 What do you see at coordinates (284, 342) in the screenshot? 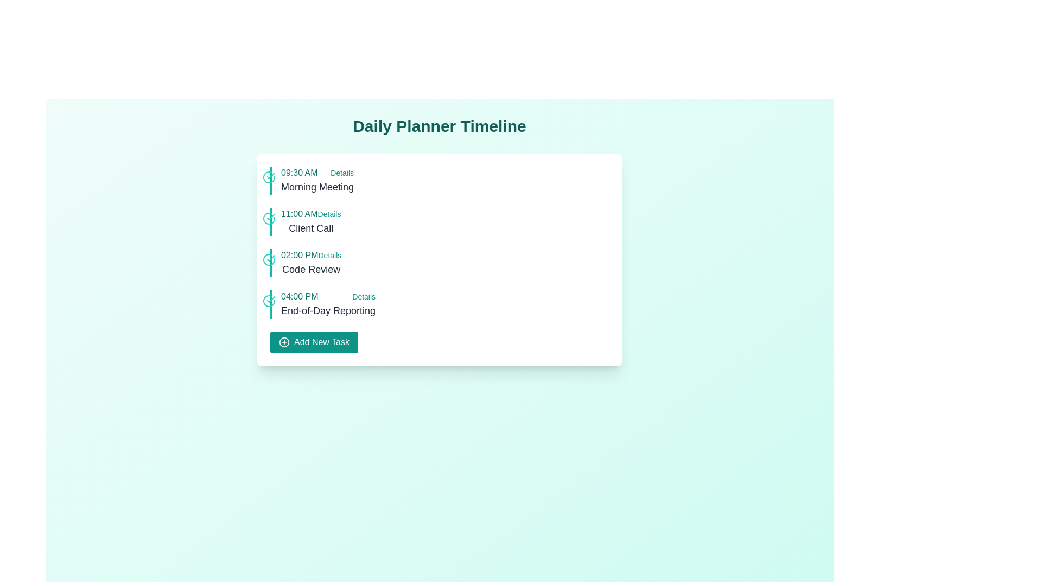
I see `the circular 'plus' icon with a teal border and white fill, located within the green rectangular button labeled 'Add New Task'` at bounding box center [284, 342].